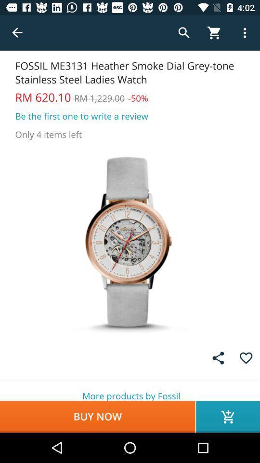  Describe the element at coordinates (218, 357) in the screenshot. I see `share the product` at that location.